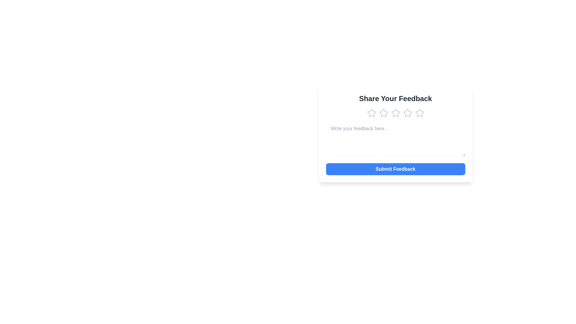 This screenshot has height=324, width=576. Describe the element at coordinates (395, 113) in the screenshot. I see `the third star icon, which is styled in gray and represents a rating` at that location.